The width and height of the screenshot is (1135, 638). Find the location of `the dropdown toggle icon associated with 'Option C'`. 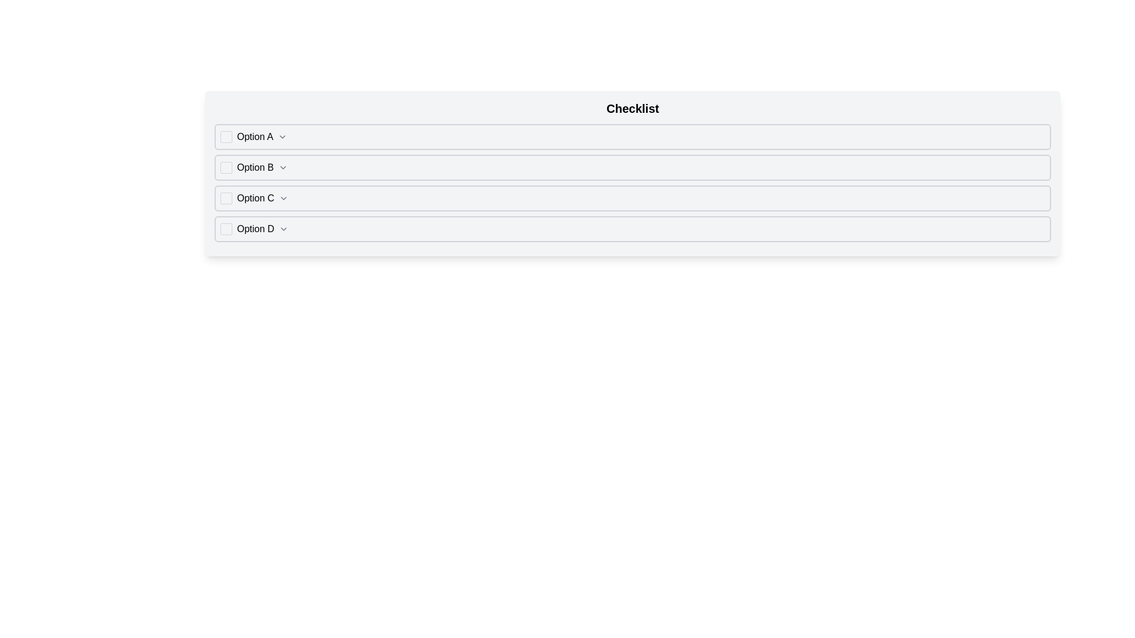

the dropdown toggle icon associated with 'Option C' is located at coordinates (284, 197).